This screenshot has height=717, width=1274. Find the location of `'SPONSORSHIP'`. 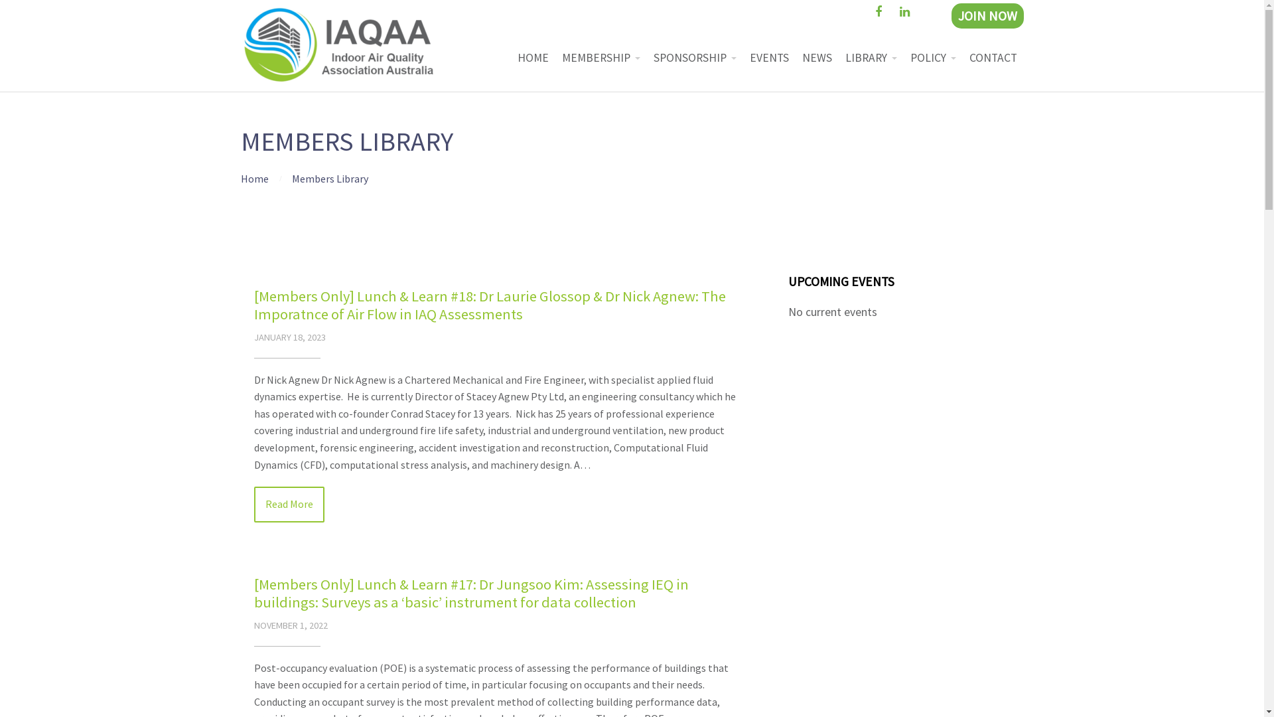

'SPONSORSHIP' is located at coordinates (693, 57).